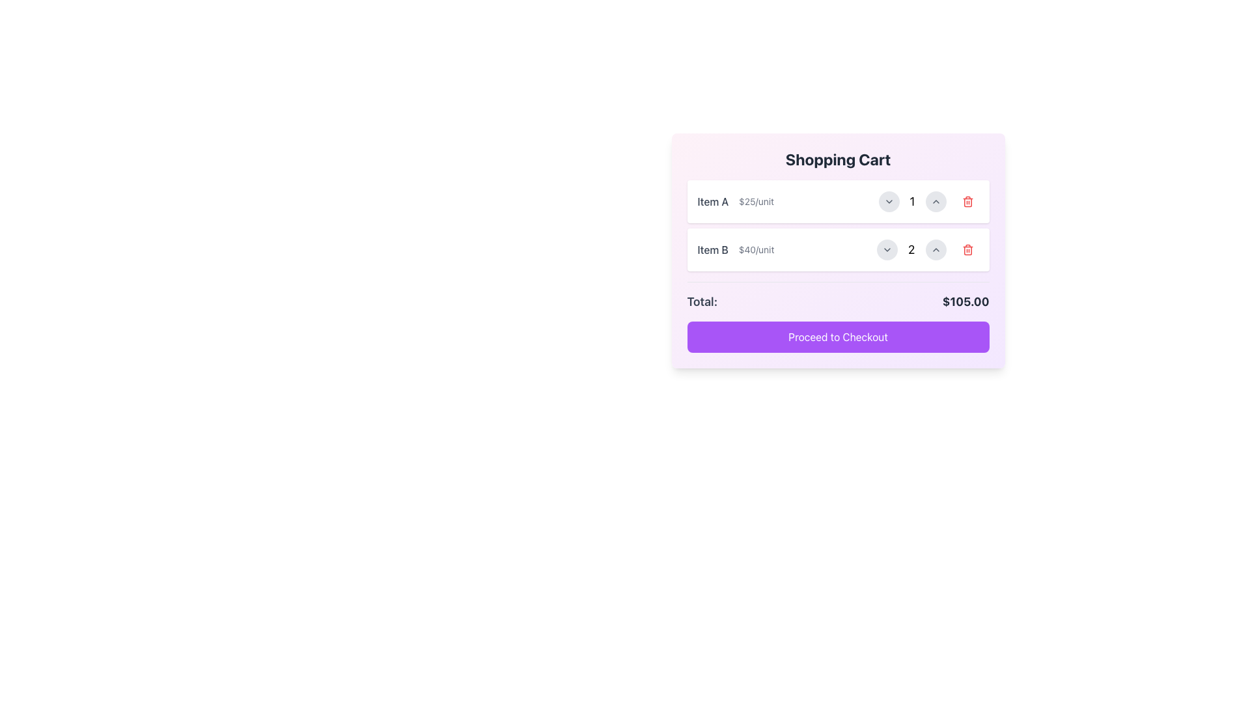  What do you see at coordinates (757, 250) in the screenshot?
I see `the text label displaying the price per unit '$40/unit', which is styled in gray and positioned to the right of the title 'Item B' in the shopping cart interface` at bounding box center [757, 250].